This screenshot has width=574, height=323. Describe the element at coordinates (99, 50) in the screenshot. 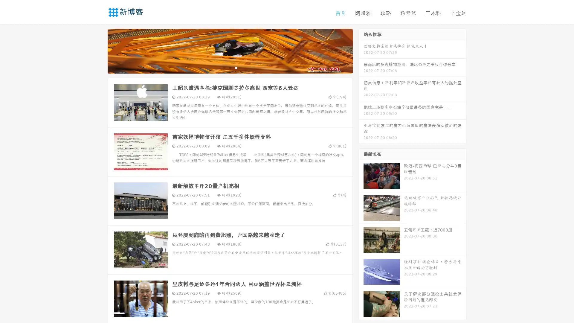

I see `Previous slide` at that location.